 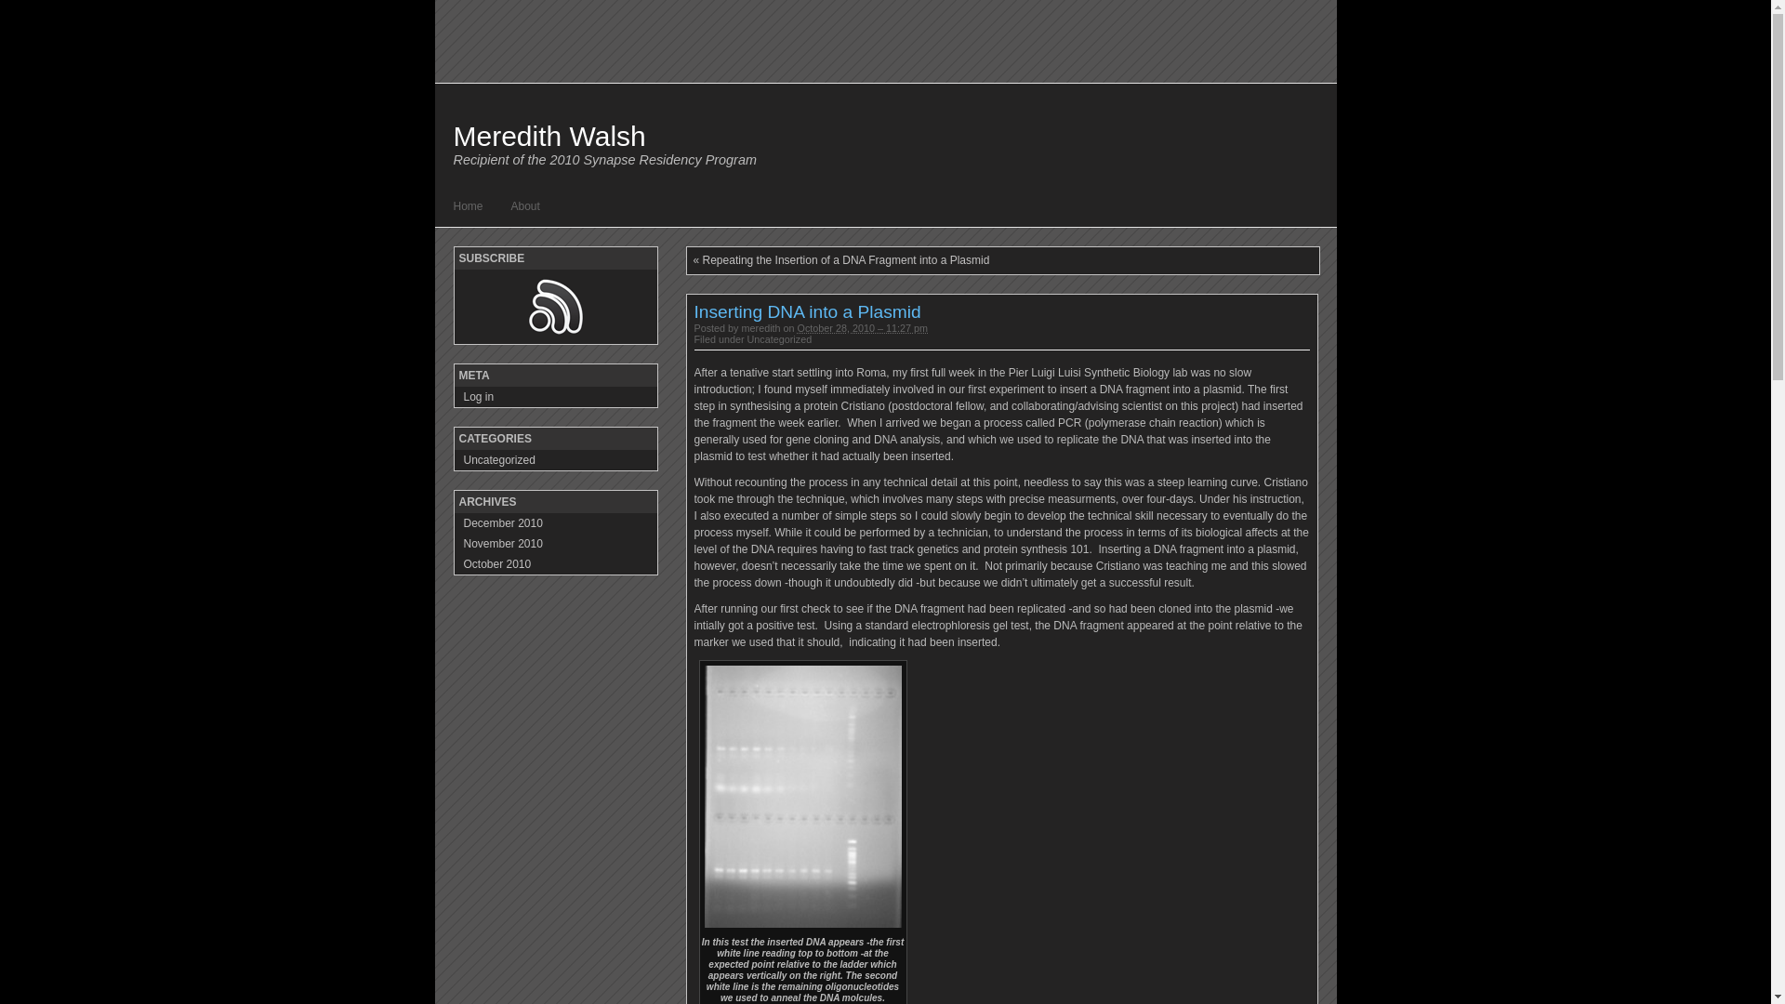 I want to click on 'Home', so click(x=469, y=206).